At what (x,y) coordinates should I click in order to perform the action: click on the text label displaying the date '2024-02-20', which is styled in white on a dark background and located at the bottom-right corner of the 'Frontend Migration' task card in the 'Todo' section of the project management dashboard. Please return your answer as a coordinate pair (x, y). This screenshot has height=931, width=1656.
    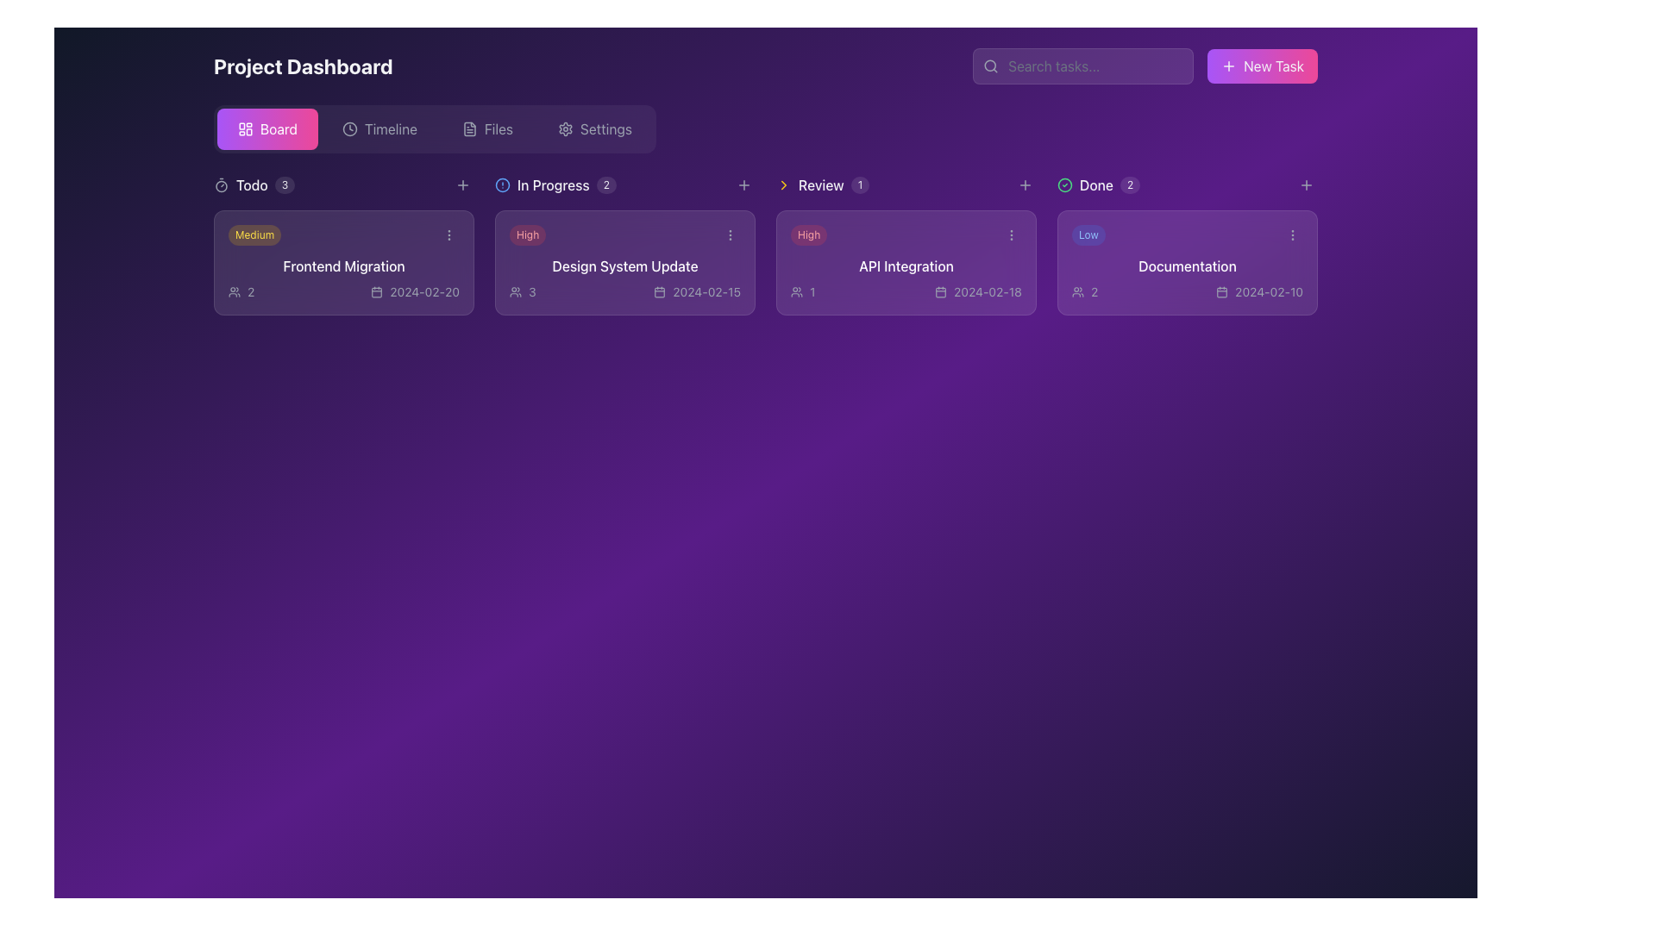
    Looking at the image, I should click on (424, 291).